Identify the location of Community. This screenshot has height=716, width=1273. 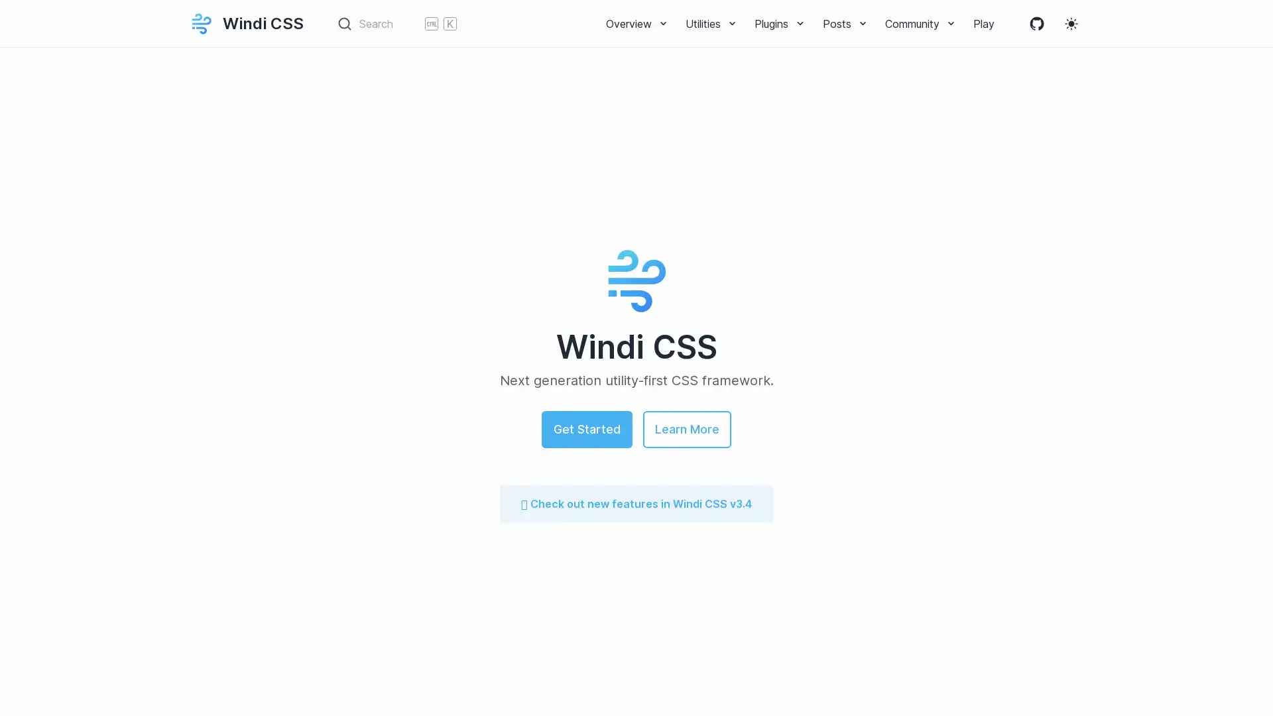
(920, 23).